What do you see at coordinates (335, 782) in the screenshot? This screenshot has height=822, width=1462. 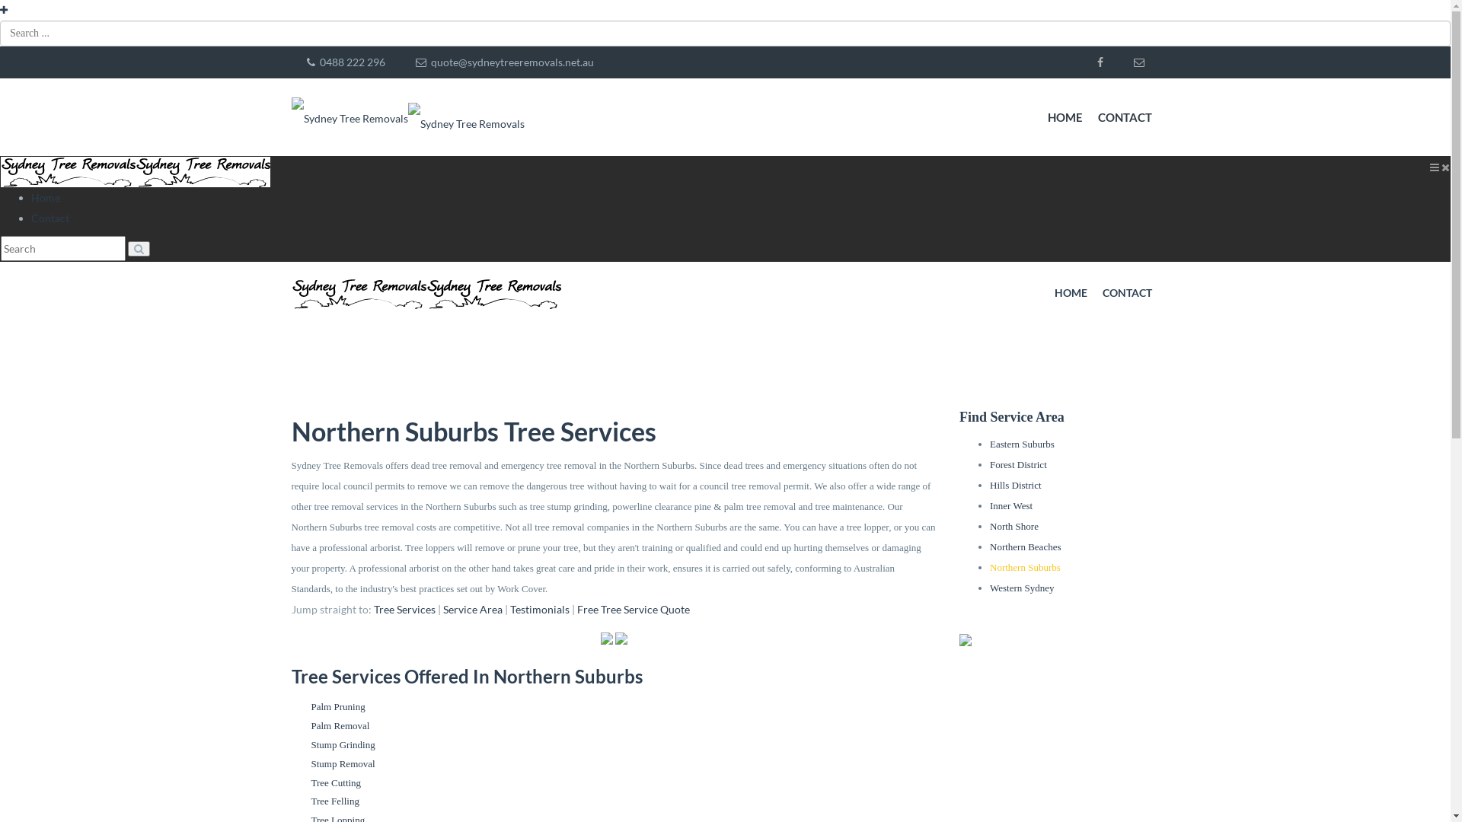 I see `'Tree Cutting'` at bounding box center [335, 782].